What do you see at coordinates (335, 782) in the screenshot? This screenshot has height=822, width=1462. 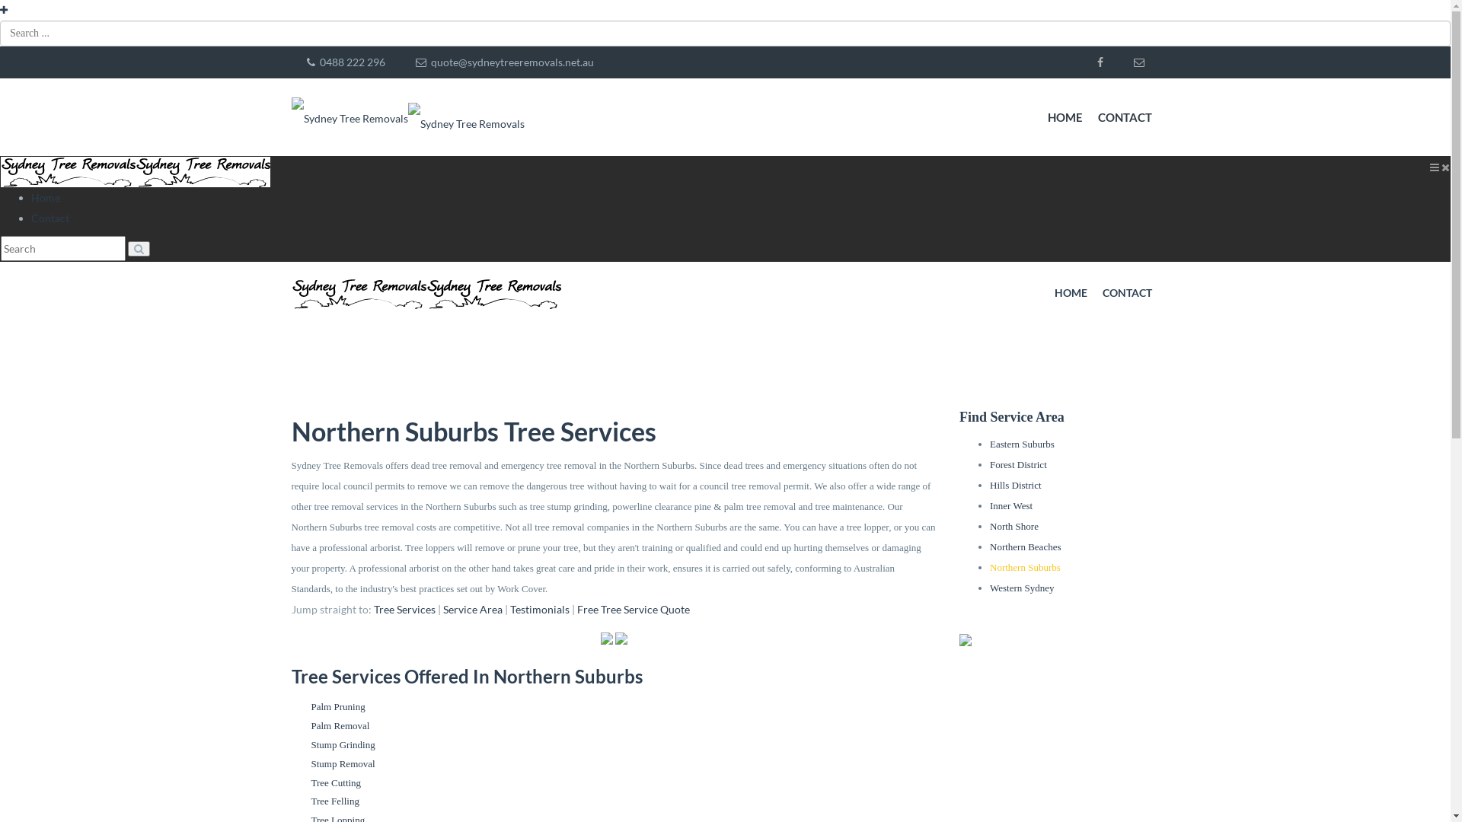 I see `'Tree Cutting'` at bounding box center [335, 782].